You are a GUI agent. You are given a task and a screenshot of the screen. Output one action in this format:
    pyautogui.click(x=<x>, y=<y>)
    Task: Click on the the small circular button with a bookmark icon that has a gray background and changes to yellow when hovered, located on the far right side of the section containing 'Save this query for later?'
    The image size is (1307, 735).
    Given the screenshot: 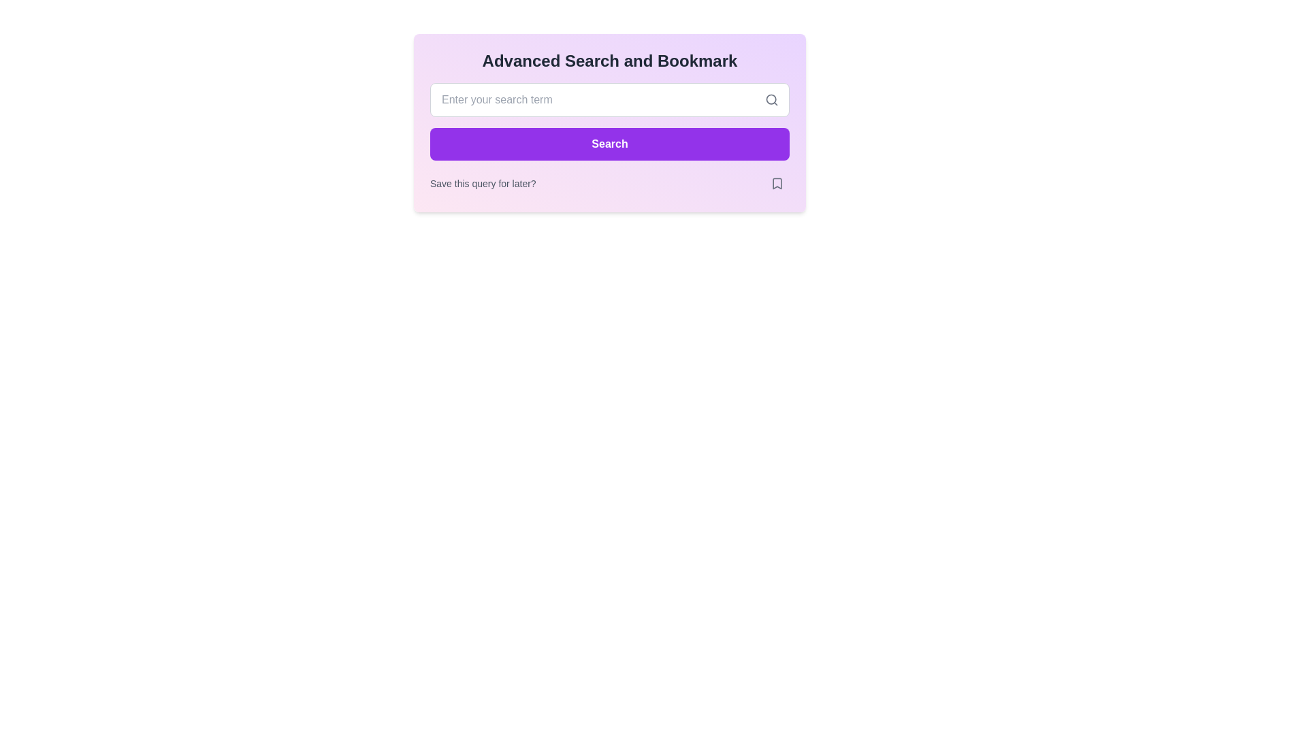 What is the action you would take?
    pyautogui.click(x=777, y=184)
    